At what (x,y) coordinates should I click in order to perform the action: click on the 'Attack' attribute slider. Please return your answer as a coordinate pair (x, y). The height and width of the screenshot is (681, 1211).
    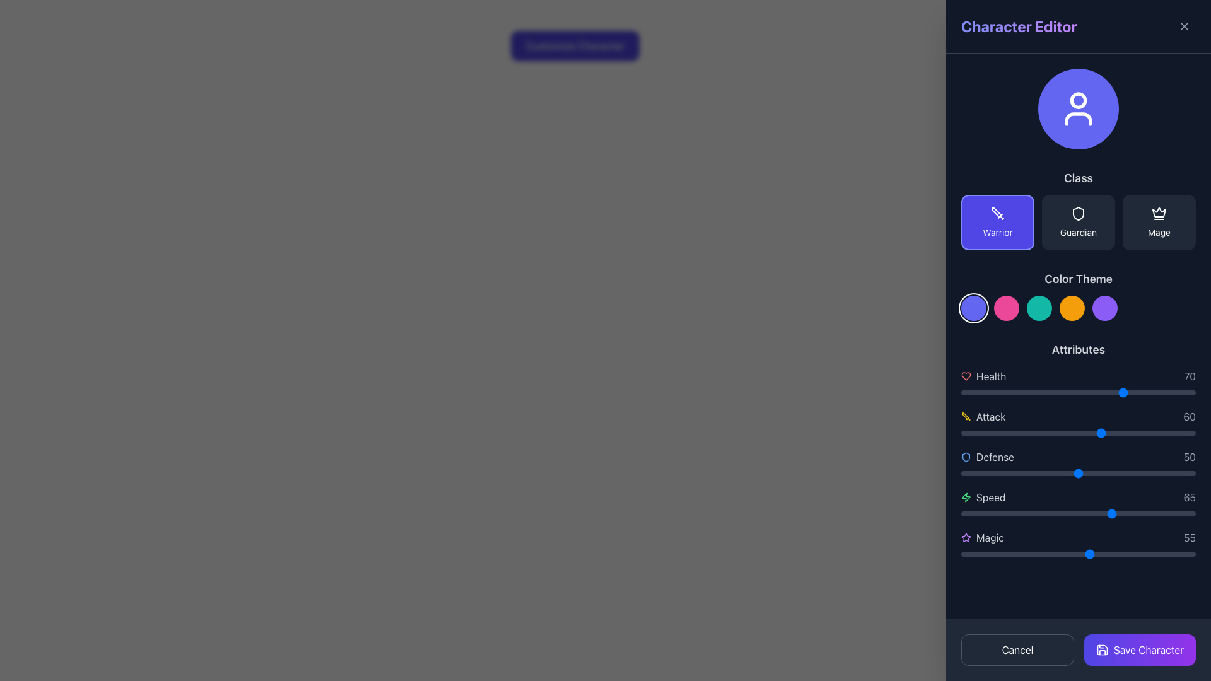
    Looking at the image, I should click on (1161, 432).